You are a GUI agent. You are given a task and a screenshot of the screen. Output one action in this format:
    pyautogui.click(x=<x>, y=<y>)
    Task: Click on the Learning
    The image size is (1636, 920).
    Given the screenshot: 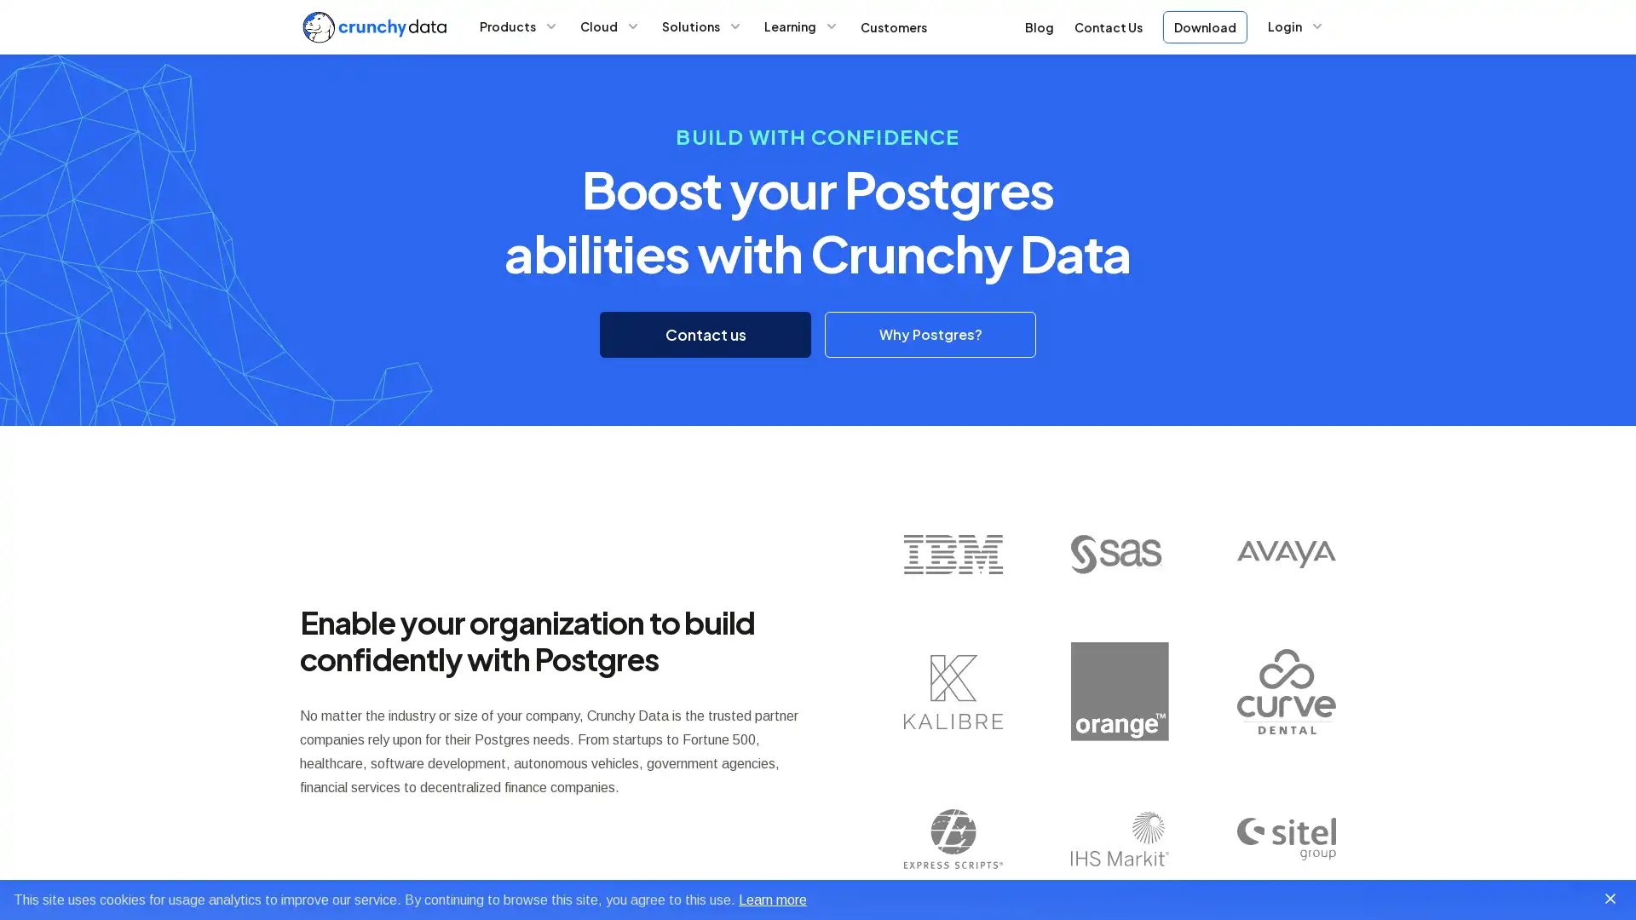 What is the action you would take?
    pyautogui.click(x=800, y=26)
    